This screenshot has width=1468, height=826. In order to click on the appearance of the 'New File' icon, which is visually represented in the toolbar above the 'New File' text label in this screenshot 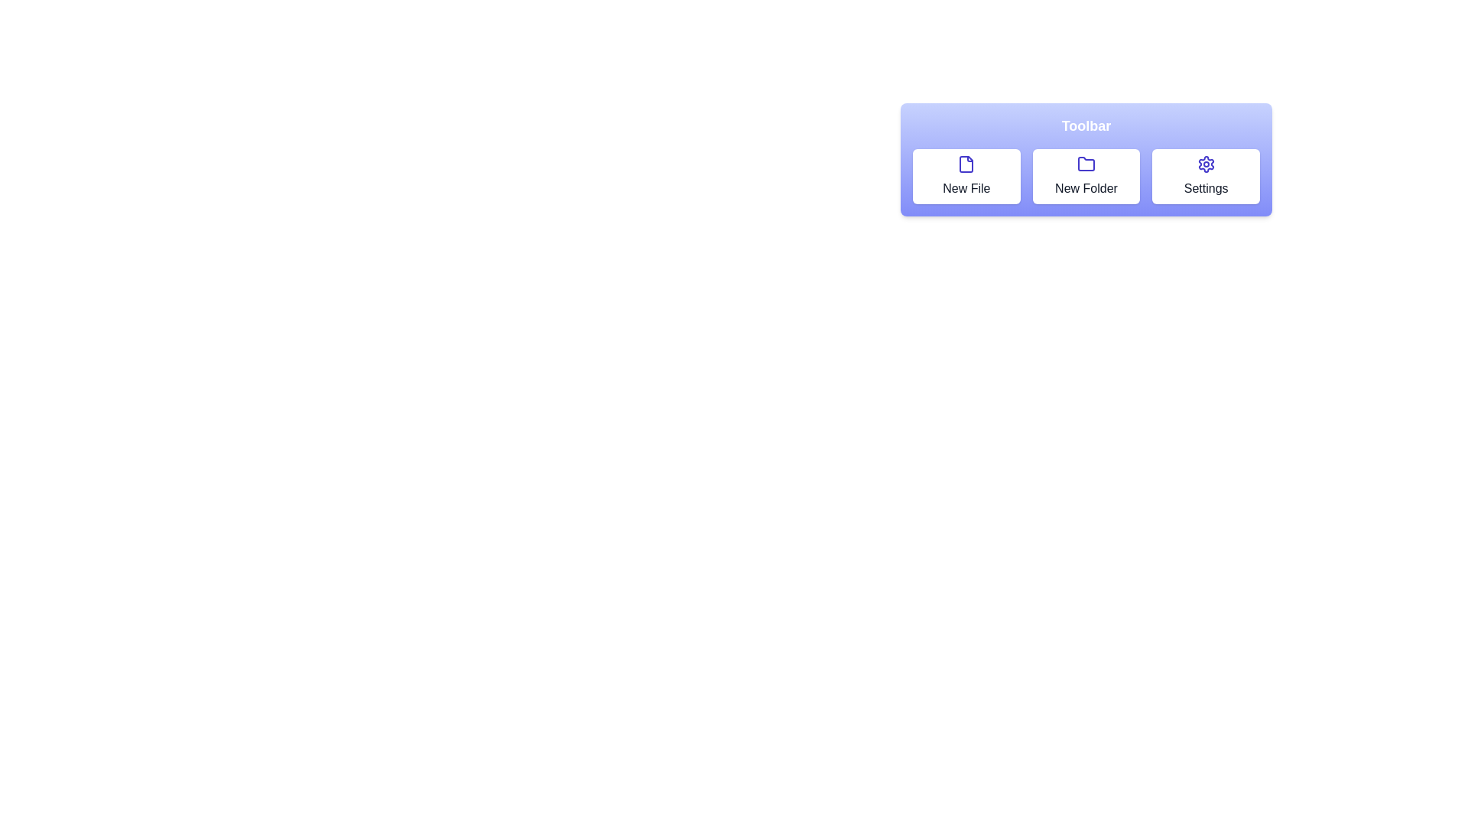, I will do `click(966, 164)`.